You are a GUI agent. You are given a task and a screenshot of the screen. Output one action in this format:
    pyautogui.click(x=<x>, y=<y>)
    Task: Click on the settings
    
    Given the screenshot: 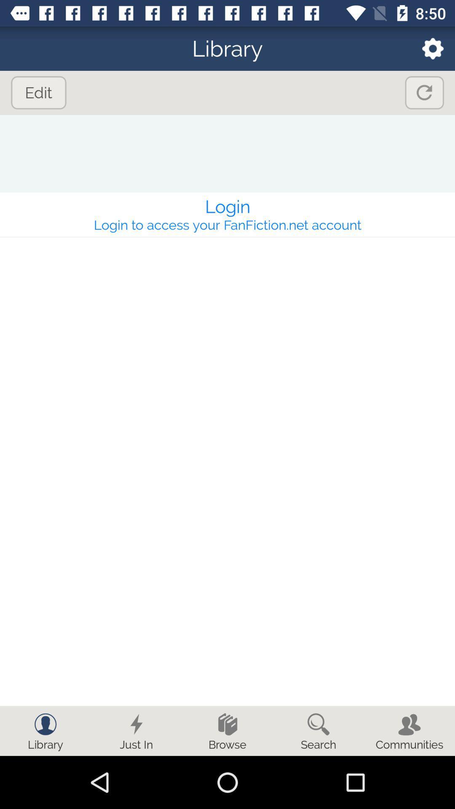 What is the action you would take?
    pyautogui.click(x=427, y=48)
    